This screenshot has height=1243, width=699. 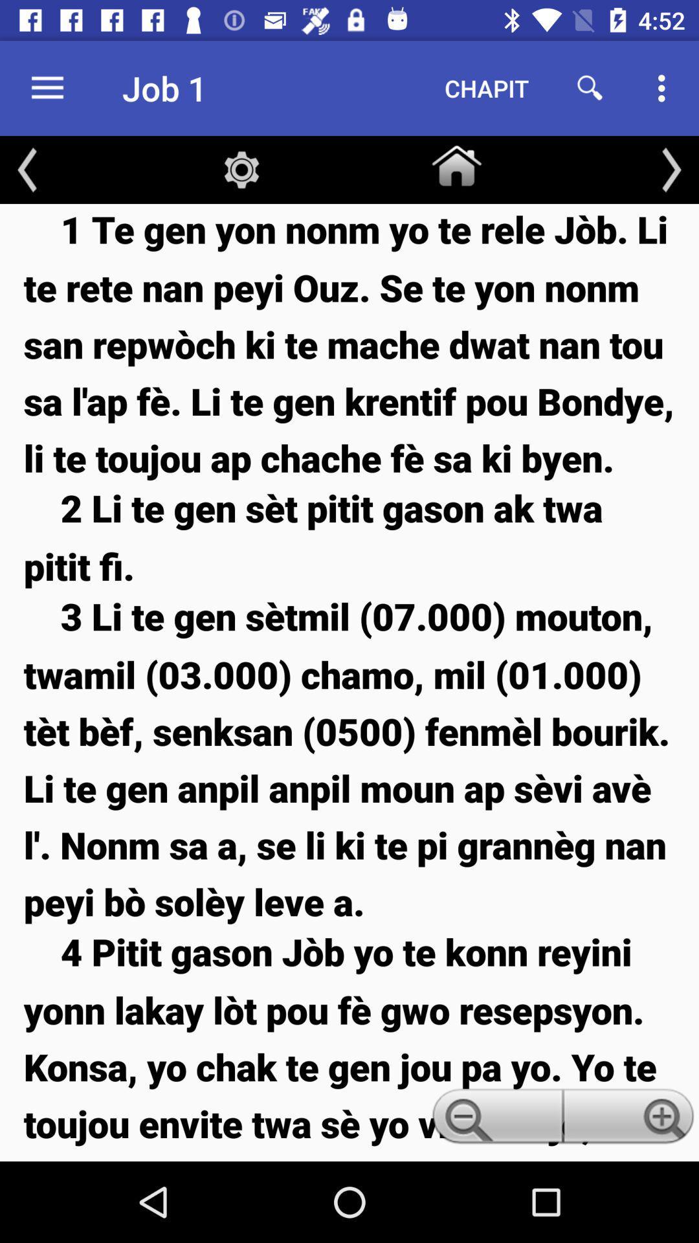 I want to click on icon below 3 li te icon, so click(x=494, y=1119).